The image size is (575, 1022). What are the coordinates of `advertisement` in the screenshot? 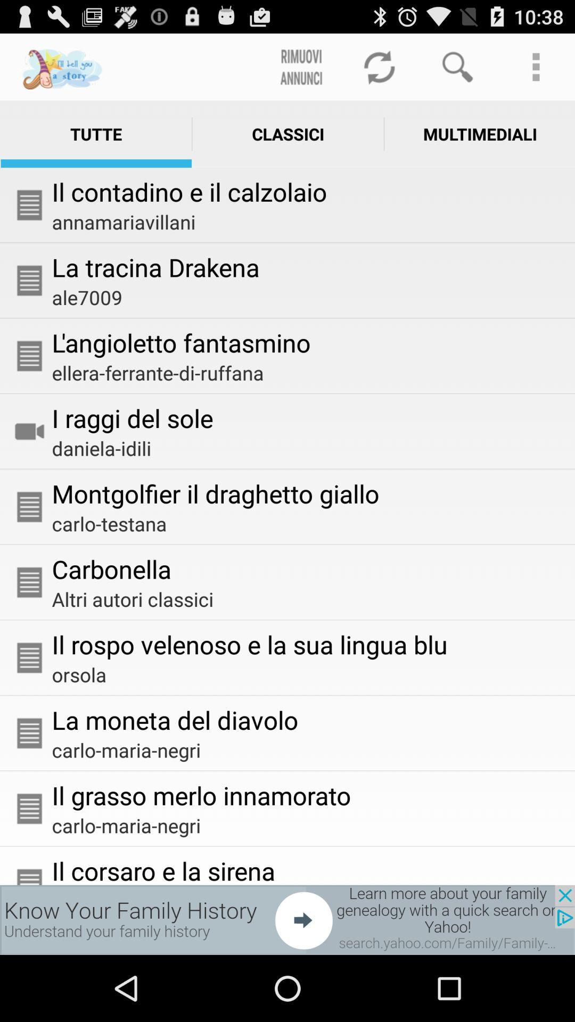 It's located at (287, 919).